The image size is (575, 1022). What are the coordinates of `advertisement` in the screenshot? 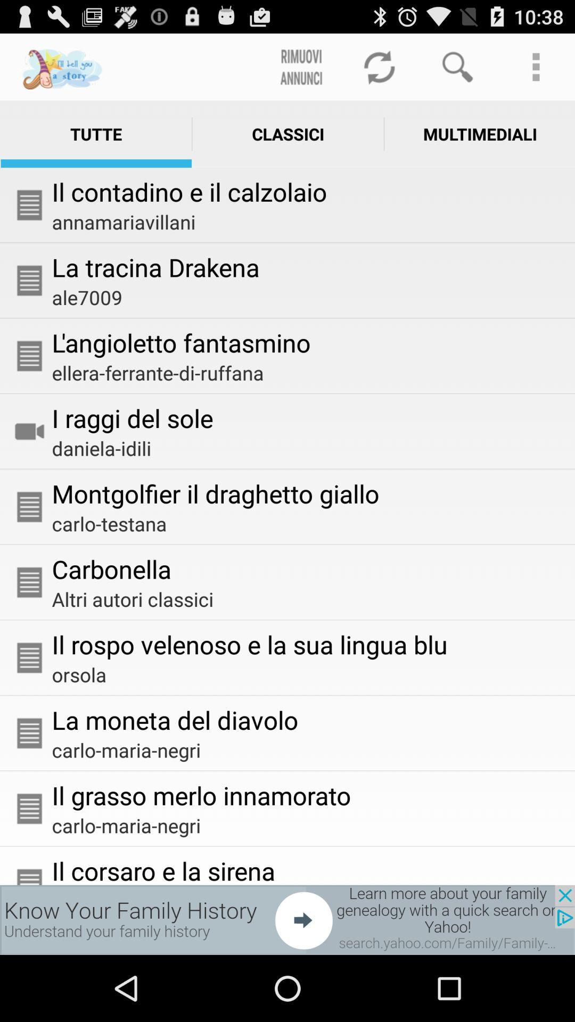 It's located at (287, 919).